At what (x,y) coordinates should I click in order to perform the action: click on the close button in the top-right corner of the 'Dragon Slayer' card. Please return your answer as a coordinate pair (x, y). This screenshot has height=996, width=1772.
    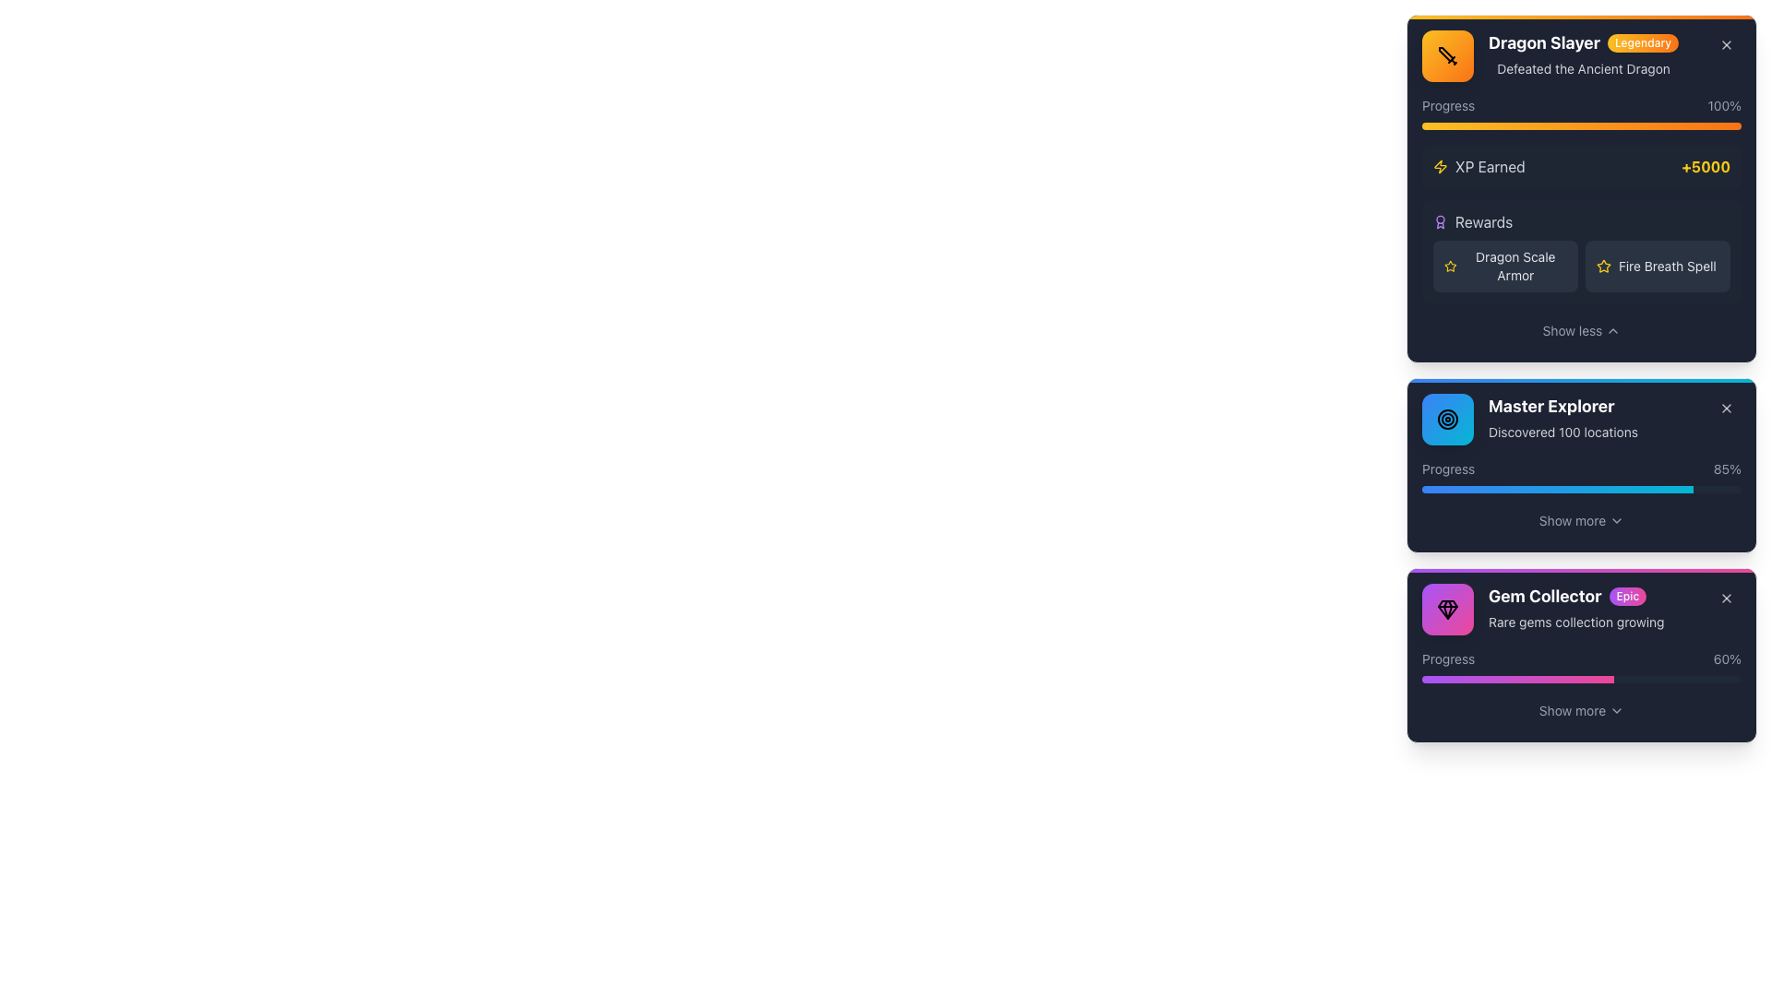
    Looking at the image, I should click on (1726, 44).